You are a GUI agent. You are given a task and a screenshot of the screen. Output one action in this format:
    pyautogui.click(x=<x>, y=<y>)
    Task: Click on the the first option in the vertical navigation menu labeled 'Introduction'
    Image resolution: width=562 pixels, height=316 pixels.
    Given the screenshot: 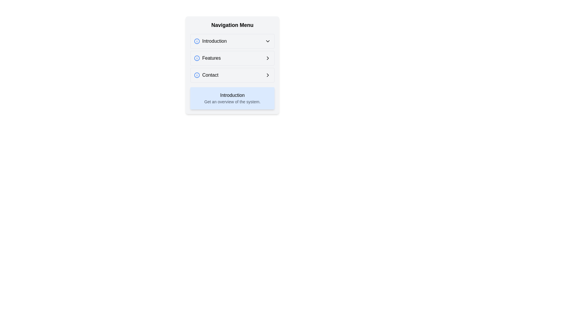 What is the action you would take?
    pyautogui.click(x=232, y=41)
    